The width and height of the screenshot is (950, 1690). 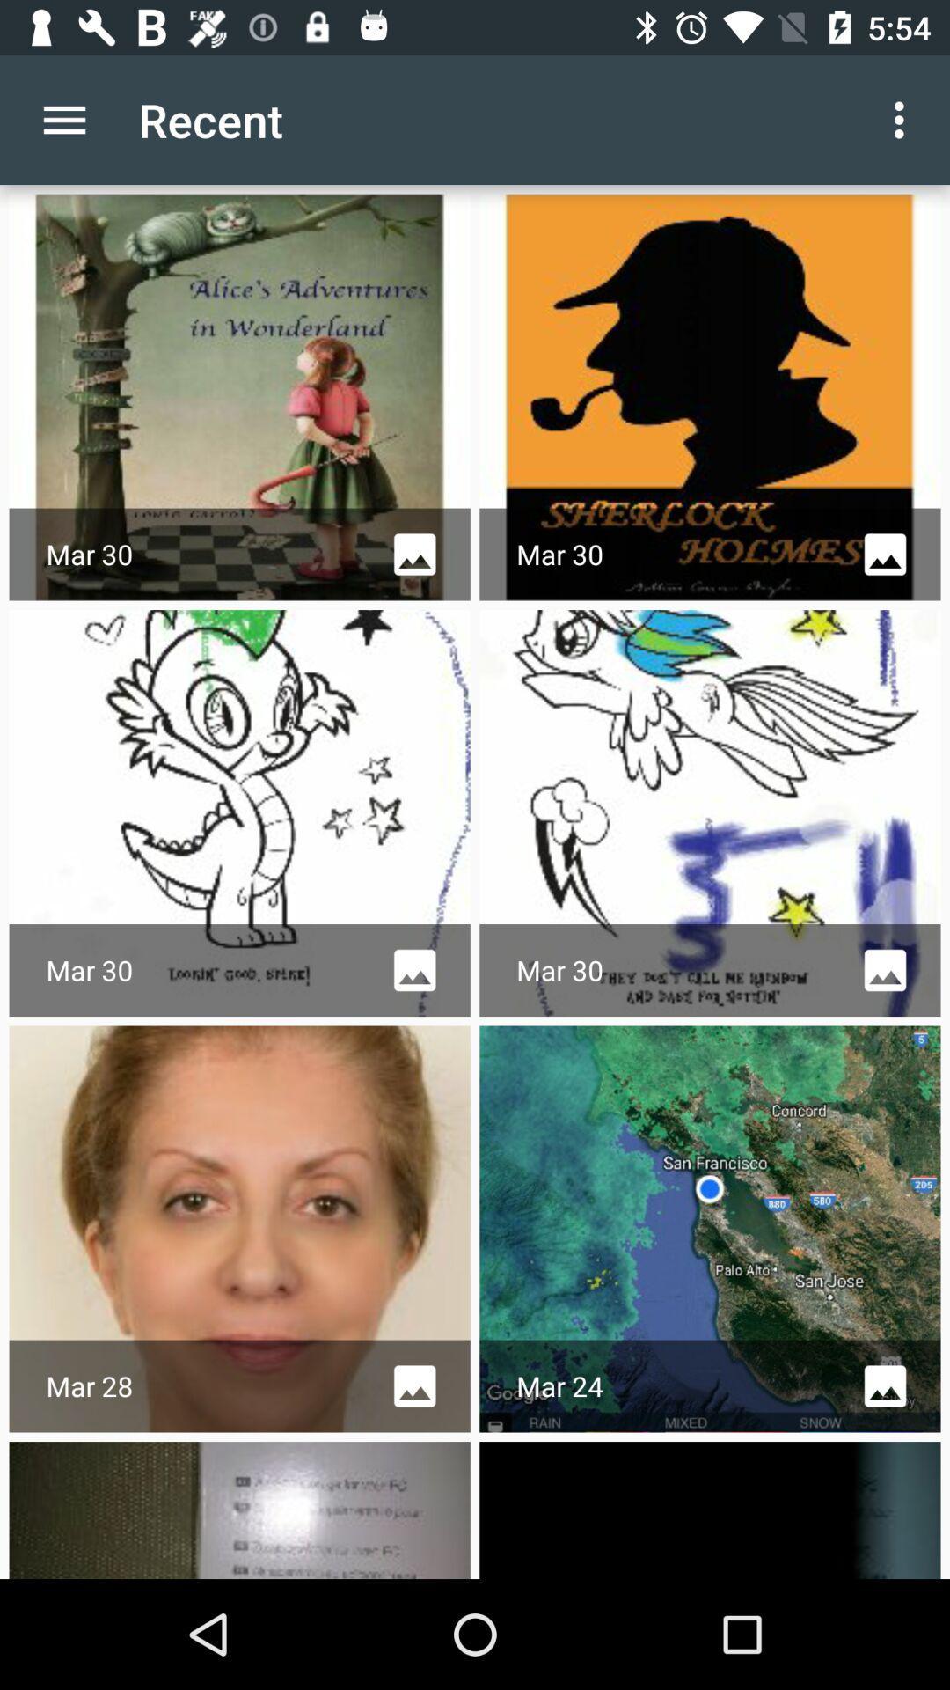 What do you see at coordinates (63, 119) in the screenshot?
I see `the app next to recent icon` at bounding box center [63, 119].